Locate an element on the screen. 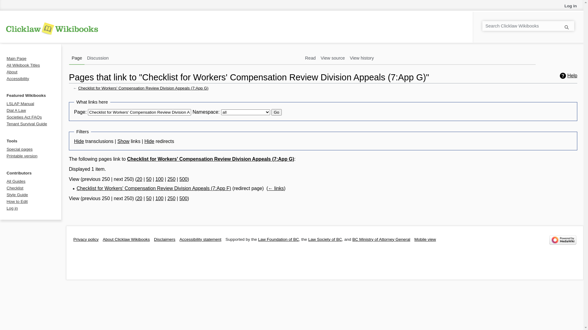 This screenshot has height=330, width=588. 'Law Society of BC' is located at coordinates (324, 239).